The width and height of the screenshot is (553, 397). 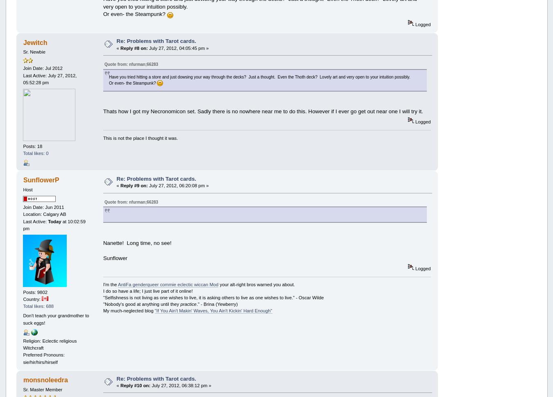 I want to click on 'Join Date: Jul 2012', so click(x=42, y=68).